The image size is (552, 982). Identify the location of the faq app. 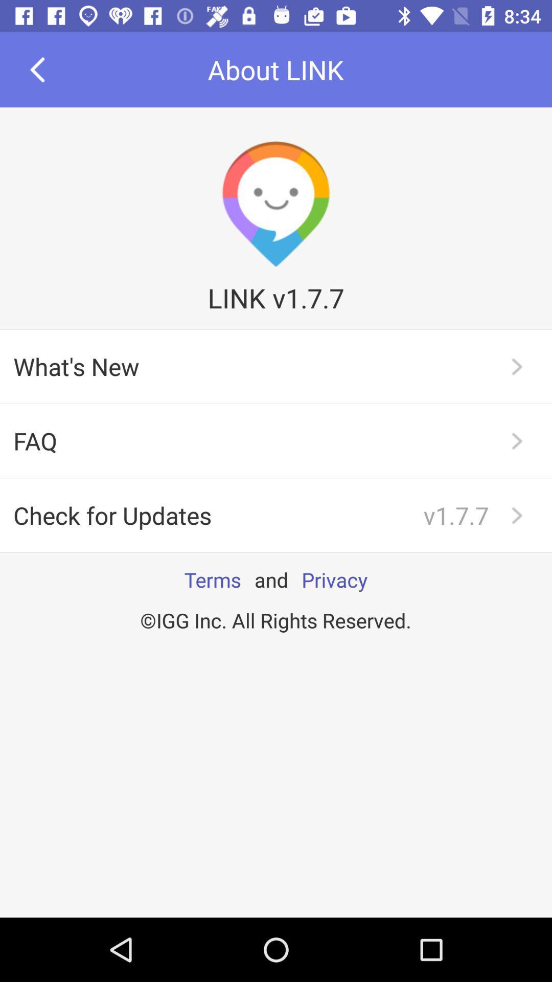
(276, 441).